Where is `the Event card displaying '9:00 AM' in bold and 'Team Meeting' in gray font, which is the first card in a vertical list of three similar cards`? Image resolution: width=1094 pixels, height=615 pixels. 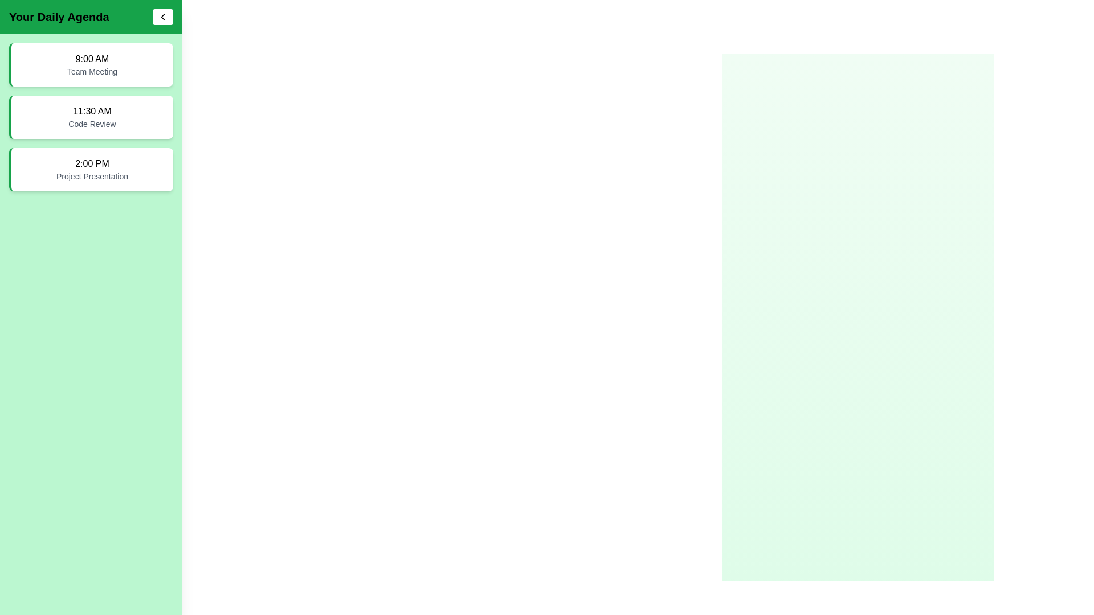
the Event card displaying '9:00 AM' in bold and 'Team Meeting' in gray font, which is the first card in a vertical list of three similar cards is located at coordinates (90, 65).